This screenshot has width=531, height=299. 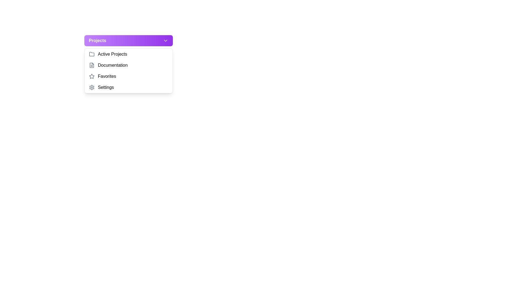 What do you see at coordinates (128, 70) in the screenshot?
I see `the second item in the dropdown menu containing textual items and icons, which is styled with a white background and rounded corners` at bounding box center [128, 70].